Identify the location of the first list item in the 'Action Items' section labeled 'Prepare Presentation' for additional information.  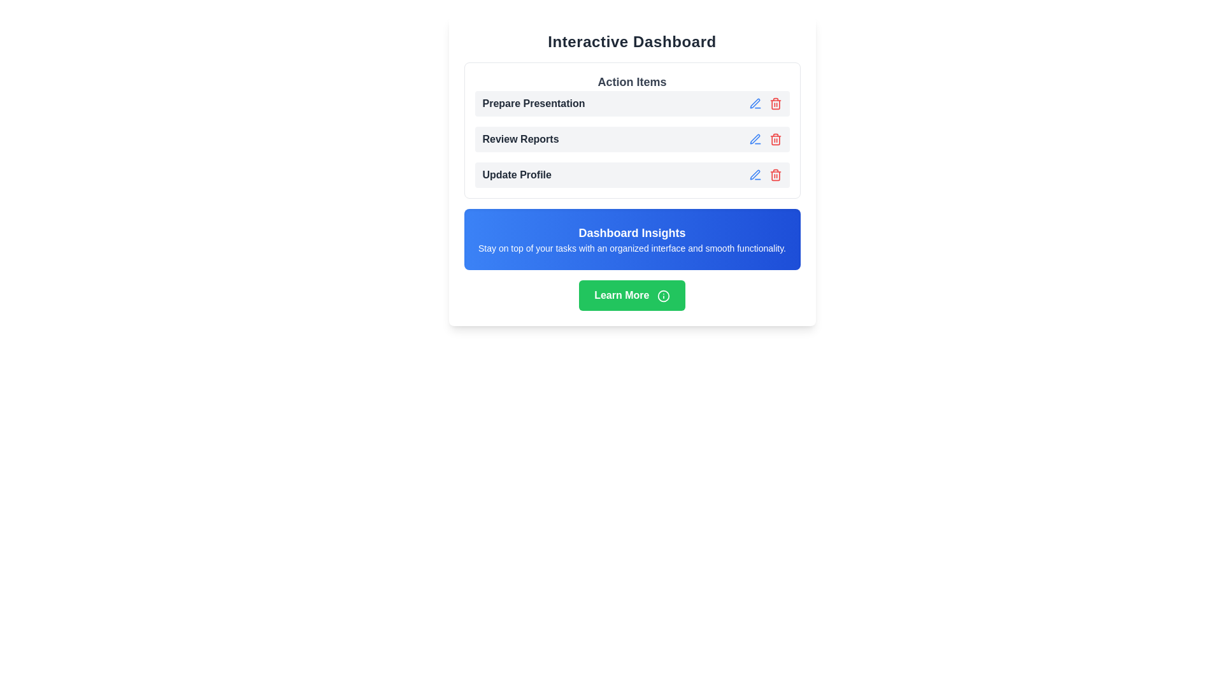
(632, 103).